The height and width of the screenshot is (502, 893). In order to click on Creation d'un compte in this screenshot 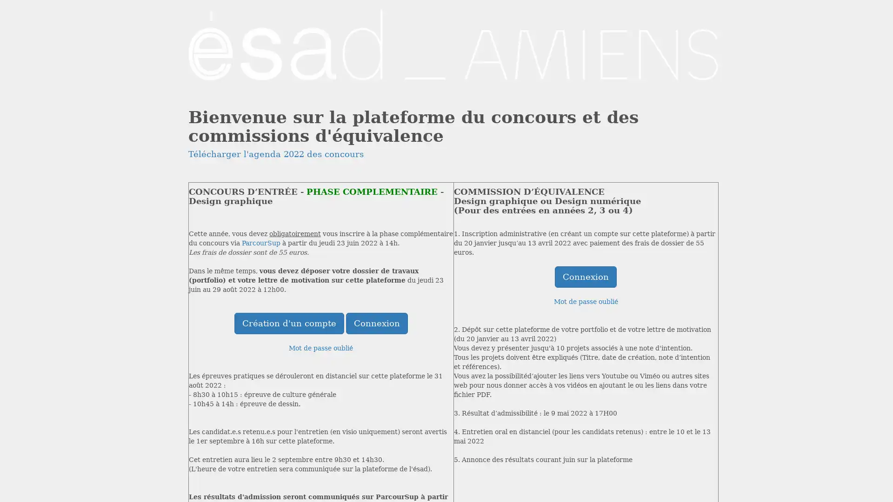, I will do `click(288, 322)`.